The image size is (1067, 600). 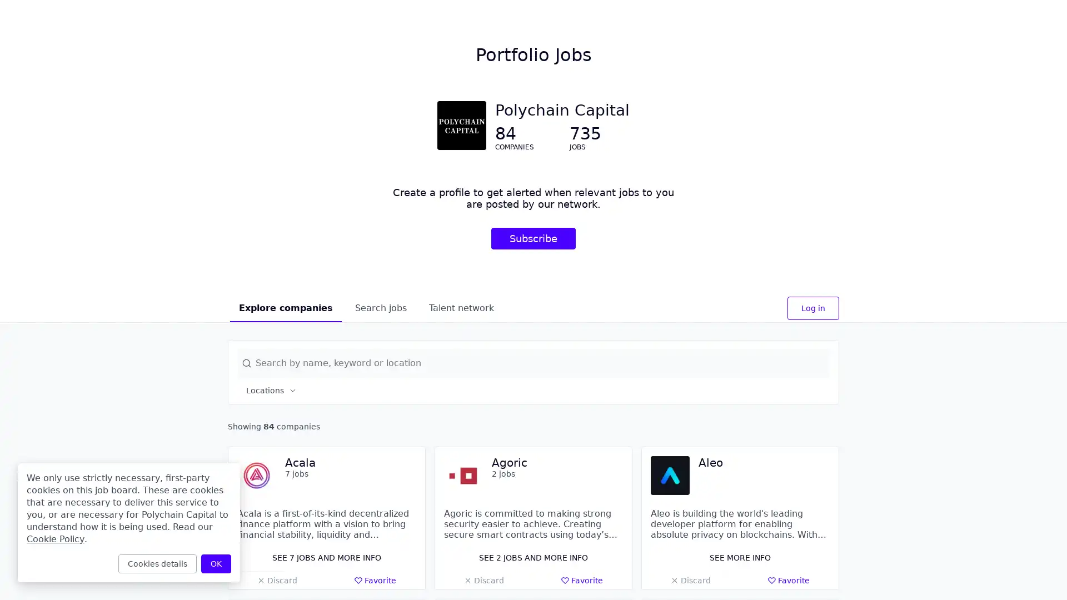 What do you see at coordinates (581, 580) in the screenshot?
I see `Favorite` at bounding box center [581, 580].